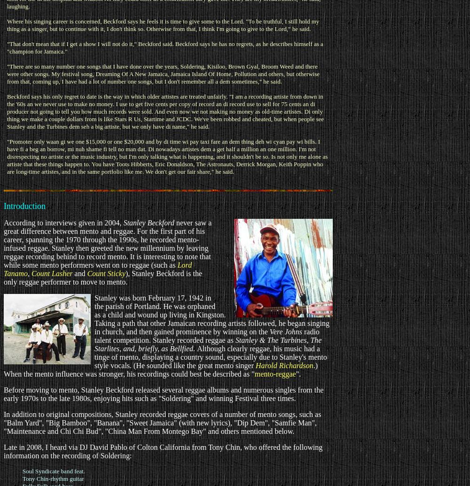  Describe the element at coordinates (162, 422) in the screenshot. I see `'In addition to original 
		compositions, Stanley recorded reggae covers of a number of mento songs, 
		such as "Balm Yard", "Big Bamboo", "Banana", "Sweet 
			Jamaica" (with new lyrics), "Dip Dem", "Samfie Man", "Maintenance and Chi 
			Chi Bud", "China Man From Montego Bay" and others mentioned below.'` at that location.